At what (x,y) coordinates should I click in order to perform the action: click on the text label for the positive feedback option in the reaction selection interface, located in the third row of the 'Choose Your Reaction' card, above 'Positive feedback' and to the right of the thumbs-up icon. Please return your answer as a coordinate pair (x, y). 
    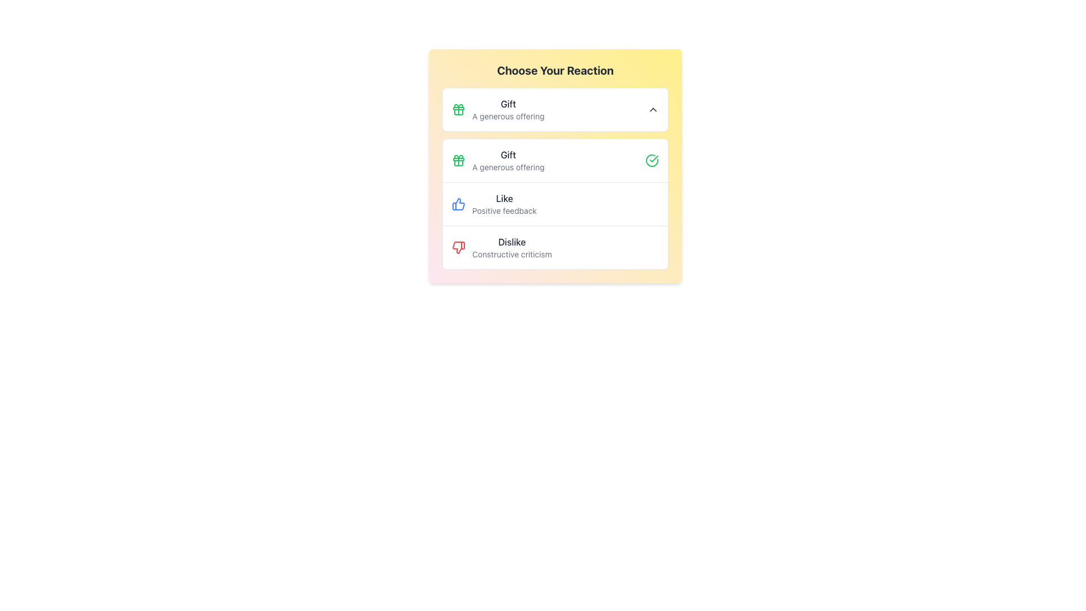
    Looking at the image, I should click on (504, 198).